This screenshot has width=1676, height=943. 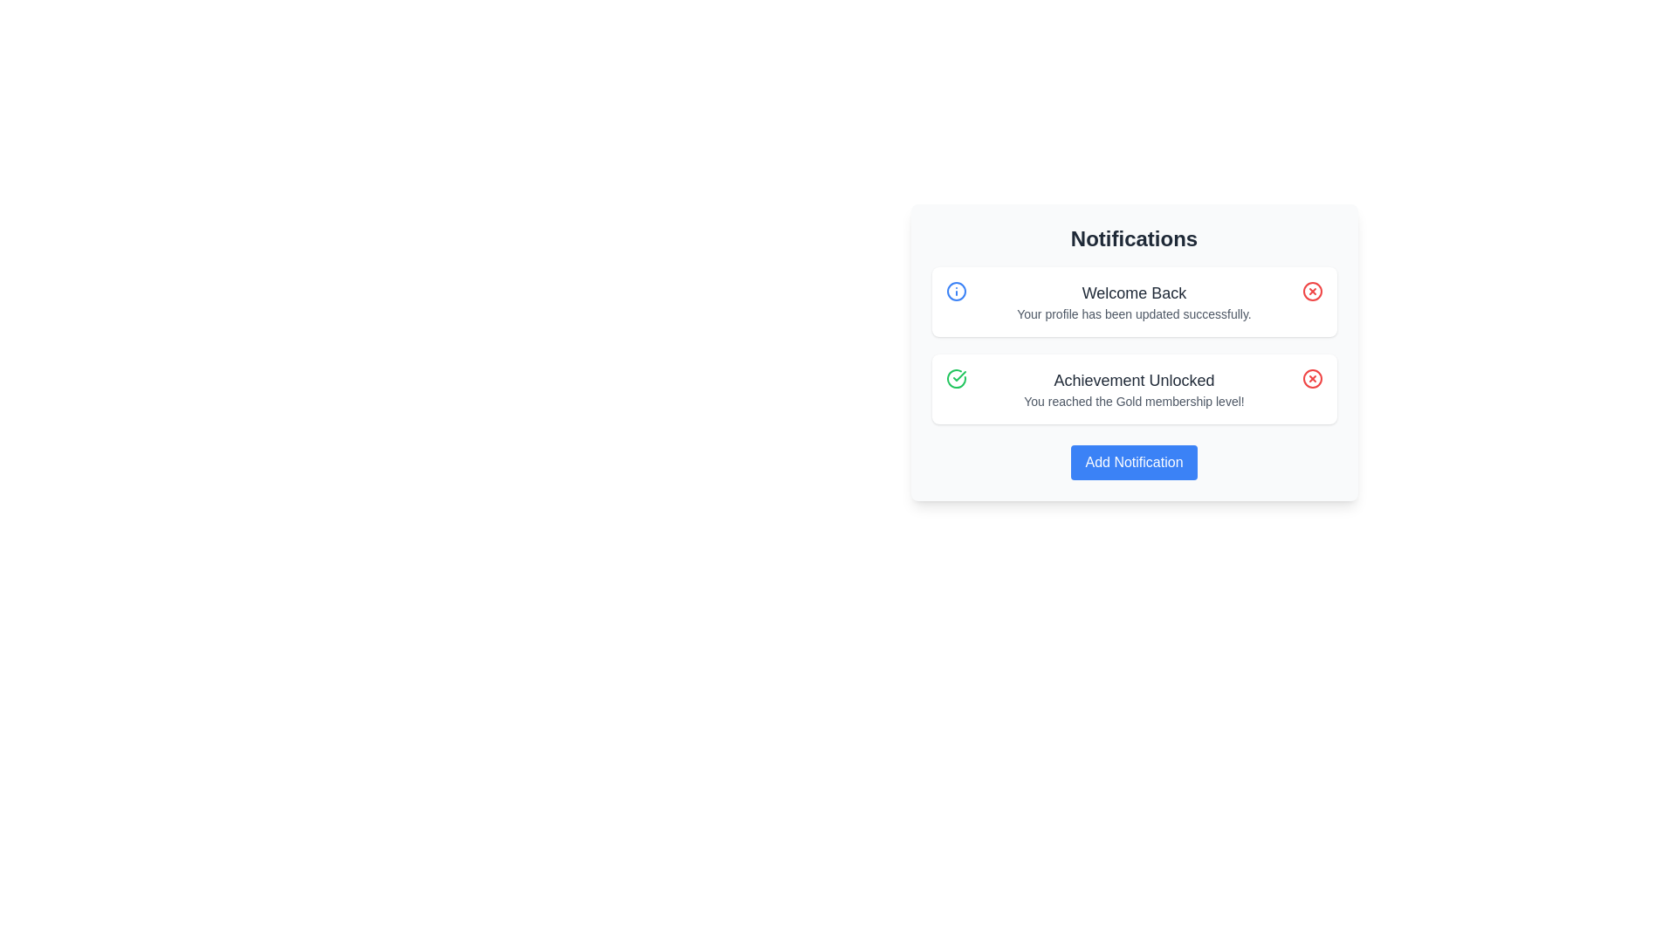 I want to click on the text-based notification entry that informs the user of reaching the Gold membership level, which is positioned below the 'Welcome Back' notification and above the 'Add Notification' button, so click(x=1134, y=389).